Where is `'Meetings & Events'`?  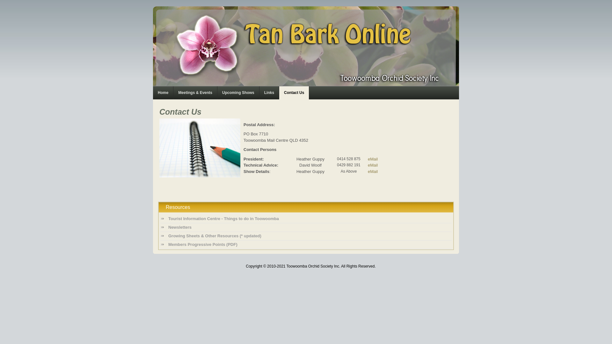
'Meetings & Events' is located at coordinates (195, 93).